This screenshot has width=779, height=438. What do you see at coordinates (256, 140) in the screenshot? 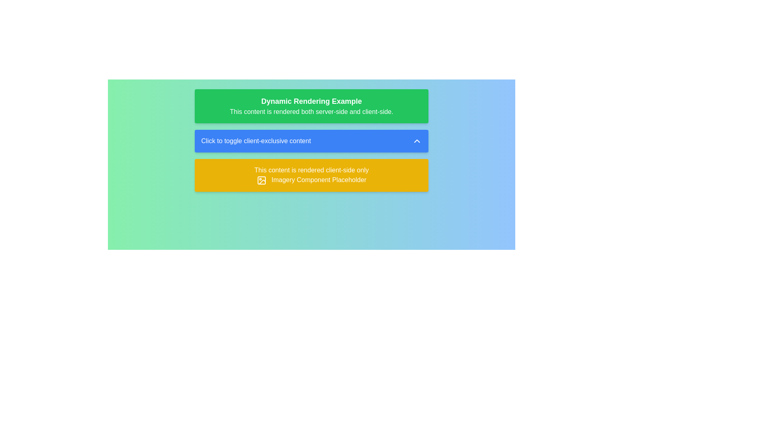
I see `text label that says 'Click to toggle client-exclusive content', which is styled in white font on a blue rectangular background with rounded corners` at bounding box center [256, 140].